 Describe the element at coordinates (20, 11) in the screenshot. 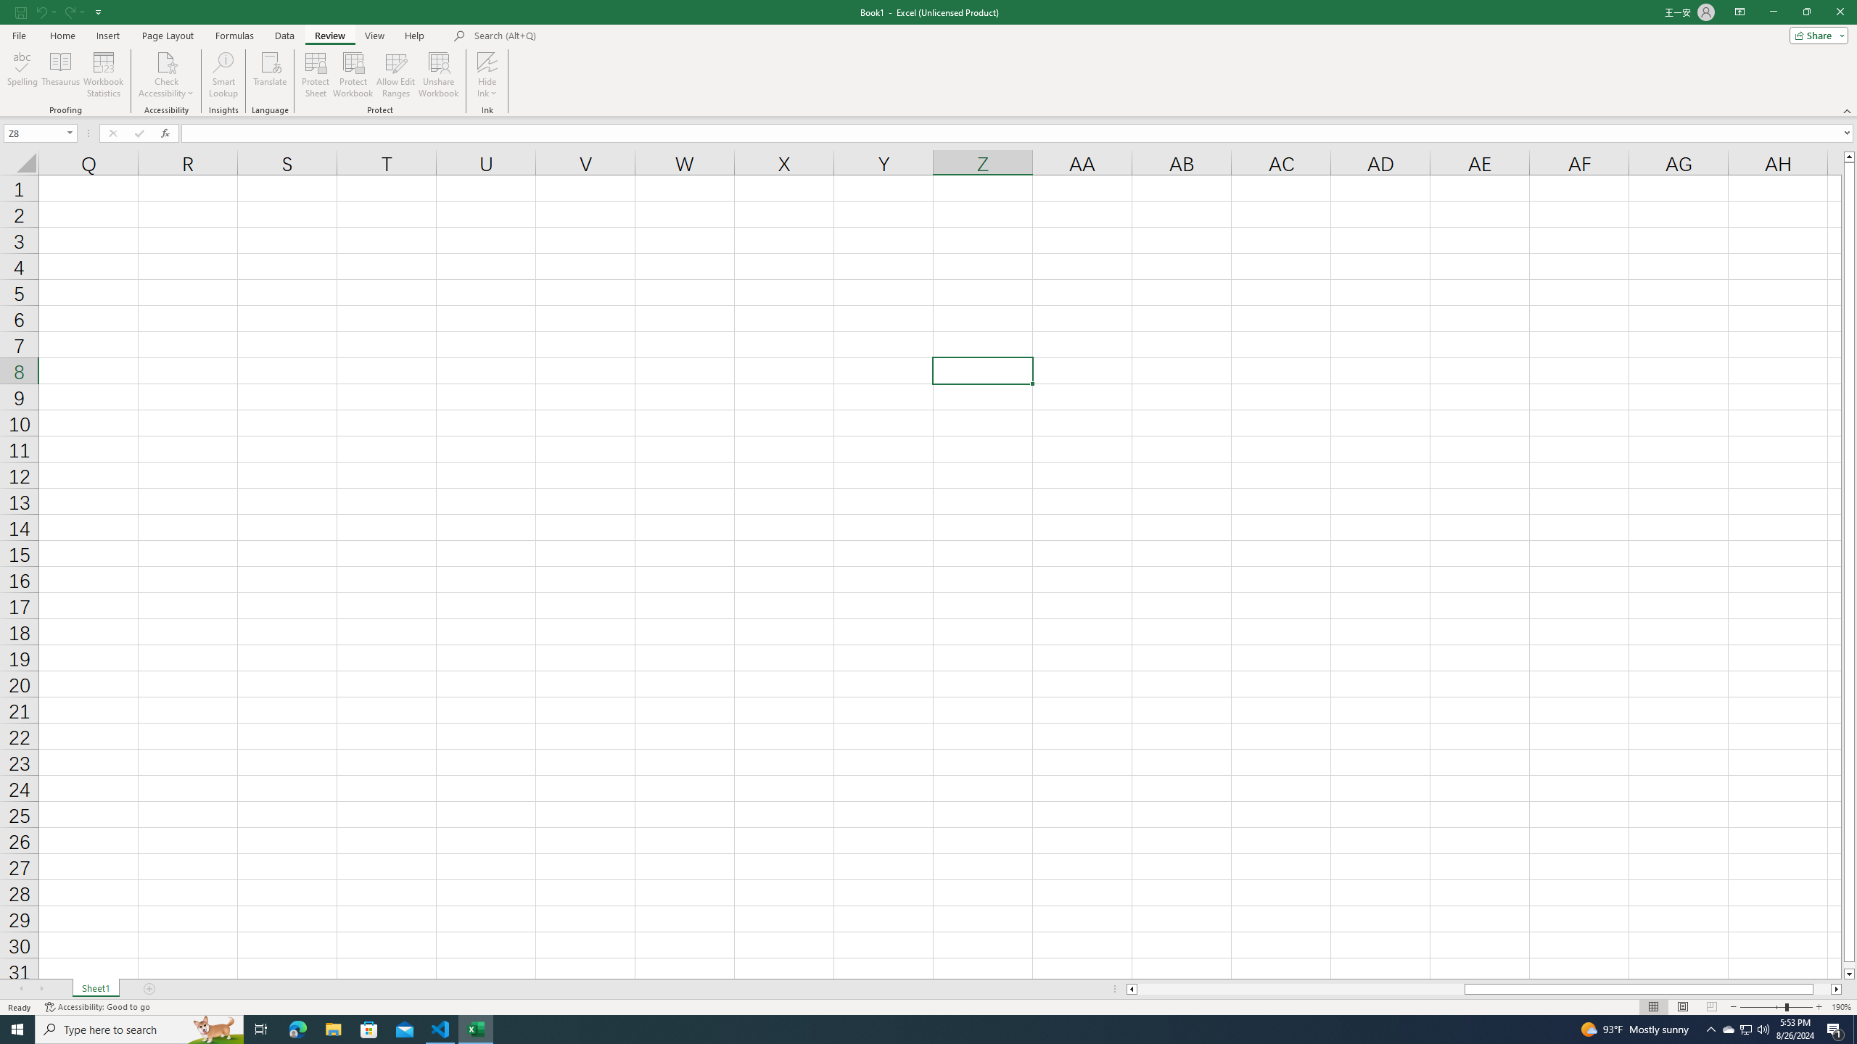

I see `'Save'` at that location.